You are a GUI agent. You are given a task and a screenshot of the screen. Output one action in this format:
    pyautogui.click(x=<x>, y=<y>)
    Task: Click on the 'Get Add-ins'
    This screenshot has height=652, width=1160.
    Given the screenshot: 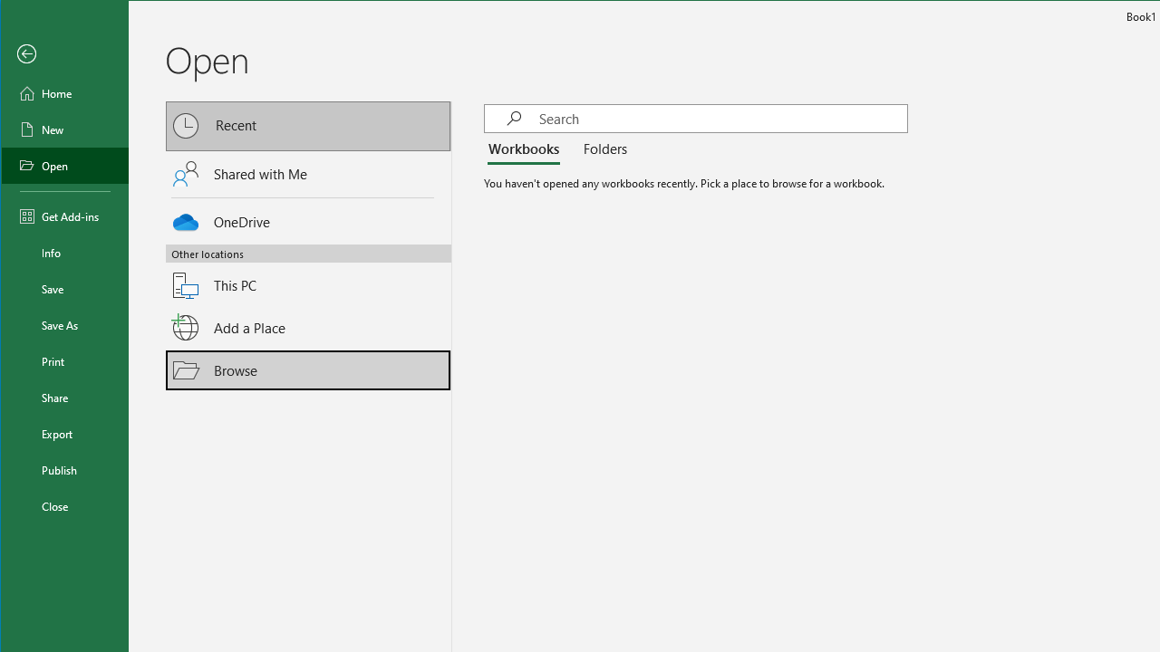 What is the action you would take?
    pyautogui.click(x=65, y=216)
    